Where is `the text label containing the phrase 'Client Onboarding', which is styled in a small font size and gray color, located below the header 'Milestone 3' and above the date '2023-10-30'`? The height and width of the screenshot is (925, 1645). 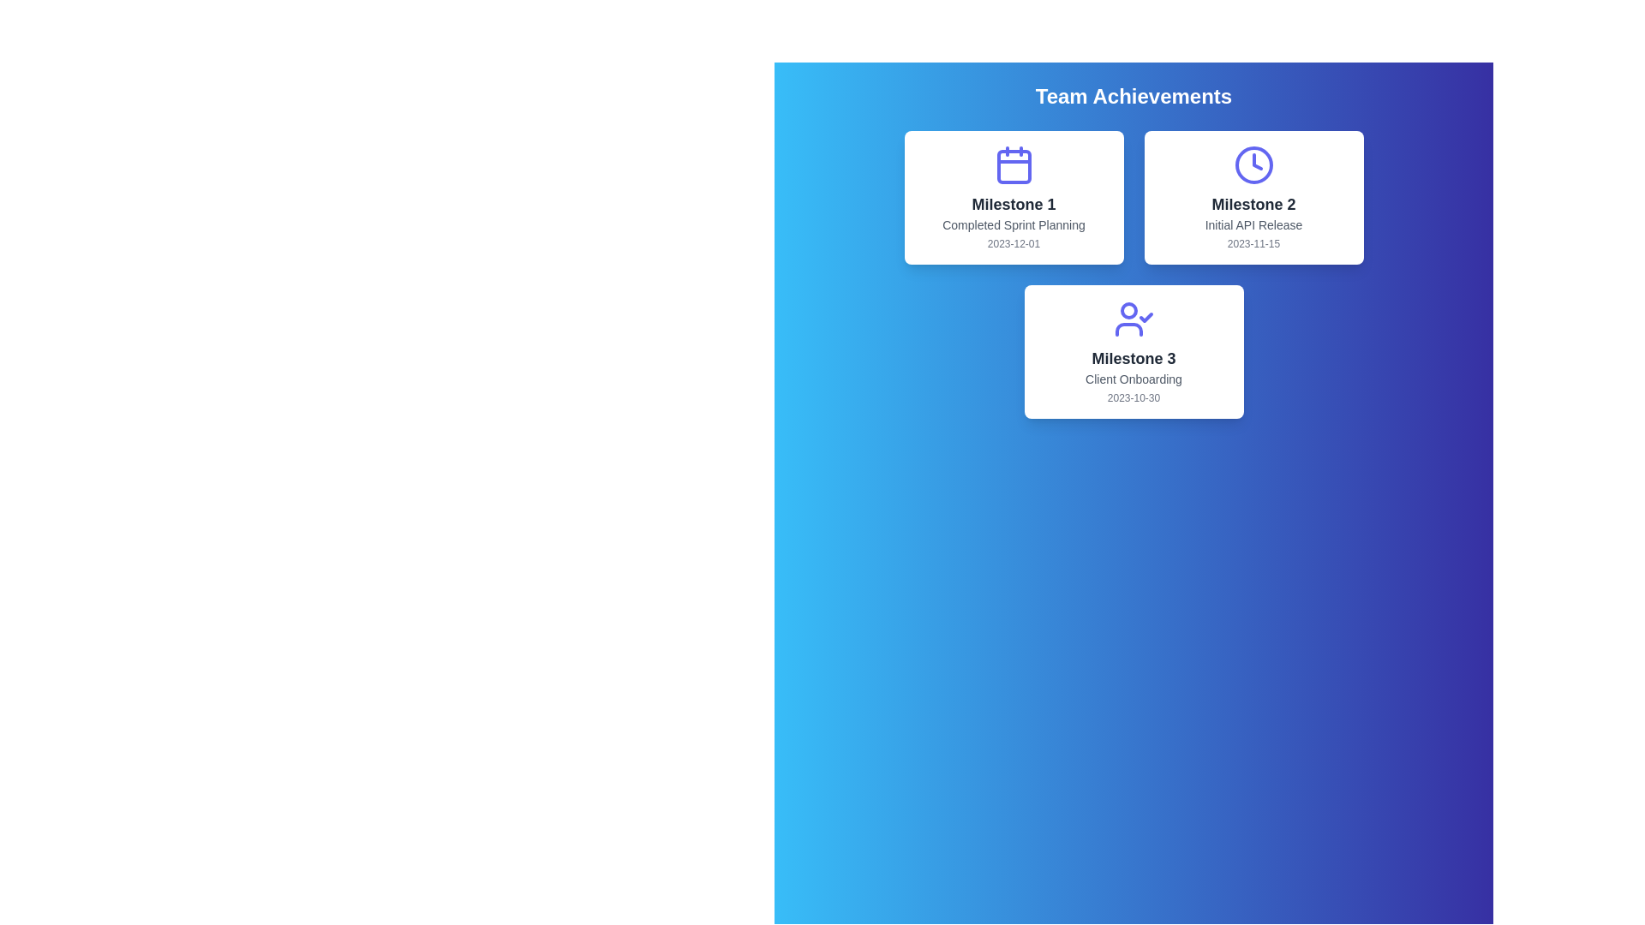 the text label containing the phrase 'Client Onboarding', which is styled in a small font size and gray color, located below the header 'Milestone 3' and above the date '2023-10-30' is located at coordinates (1134, 379).